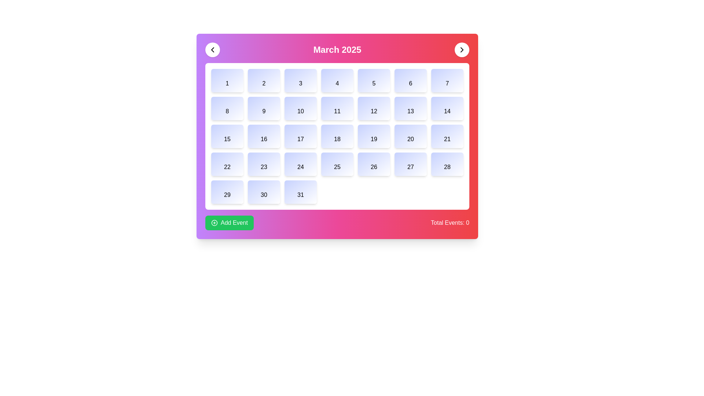  I want to click on the calendar date cell representing the date '6', so click(410, 80).